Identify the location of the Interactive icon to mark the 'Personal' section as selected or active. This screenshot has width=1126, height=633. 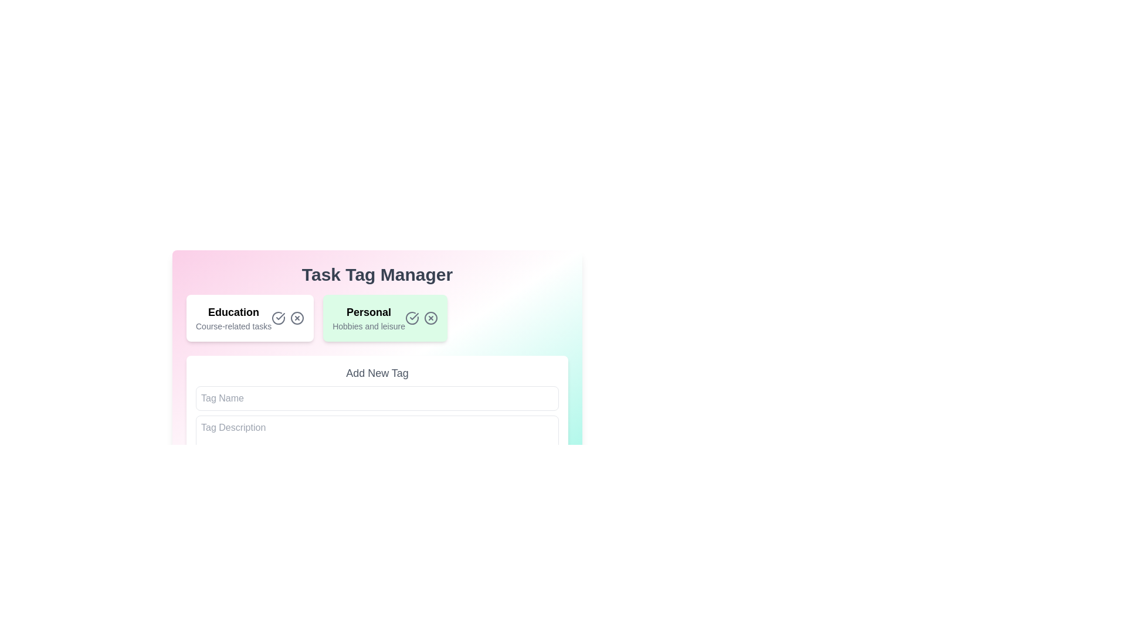
(412, 318).